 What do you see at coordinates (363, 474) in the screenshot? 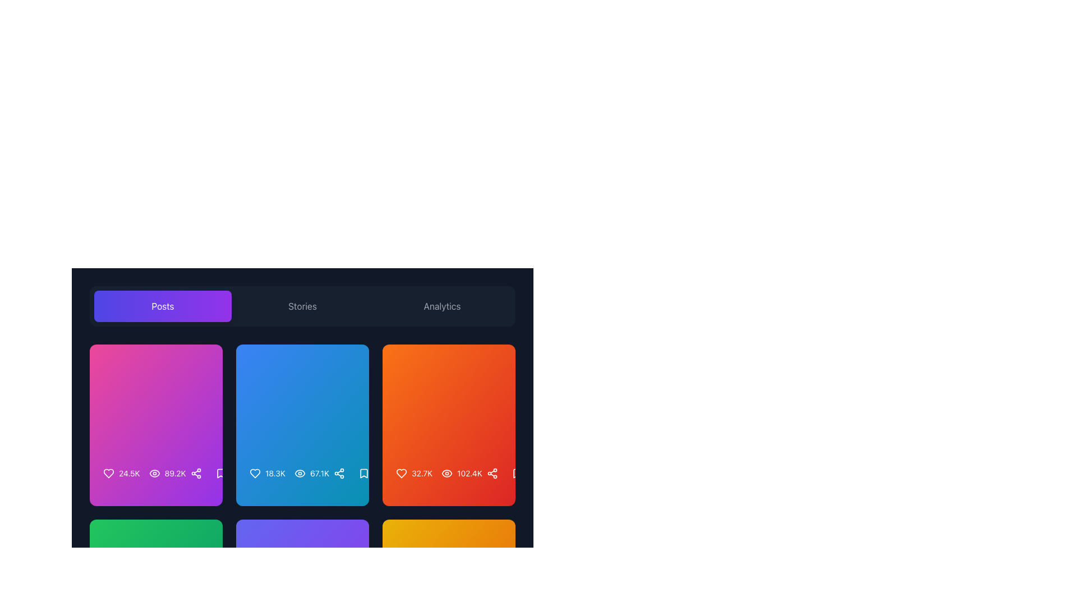
I see `the bookmark icon, which is a simplistic white bookmark-shaped button located at the bottom-right corner of the blue card in the second column of the grid layout` at bounding box center [363, 474].